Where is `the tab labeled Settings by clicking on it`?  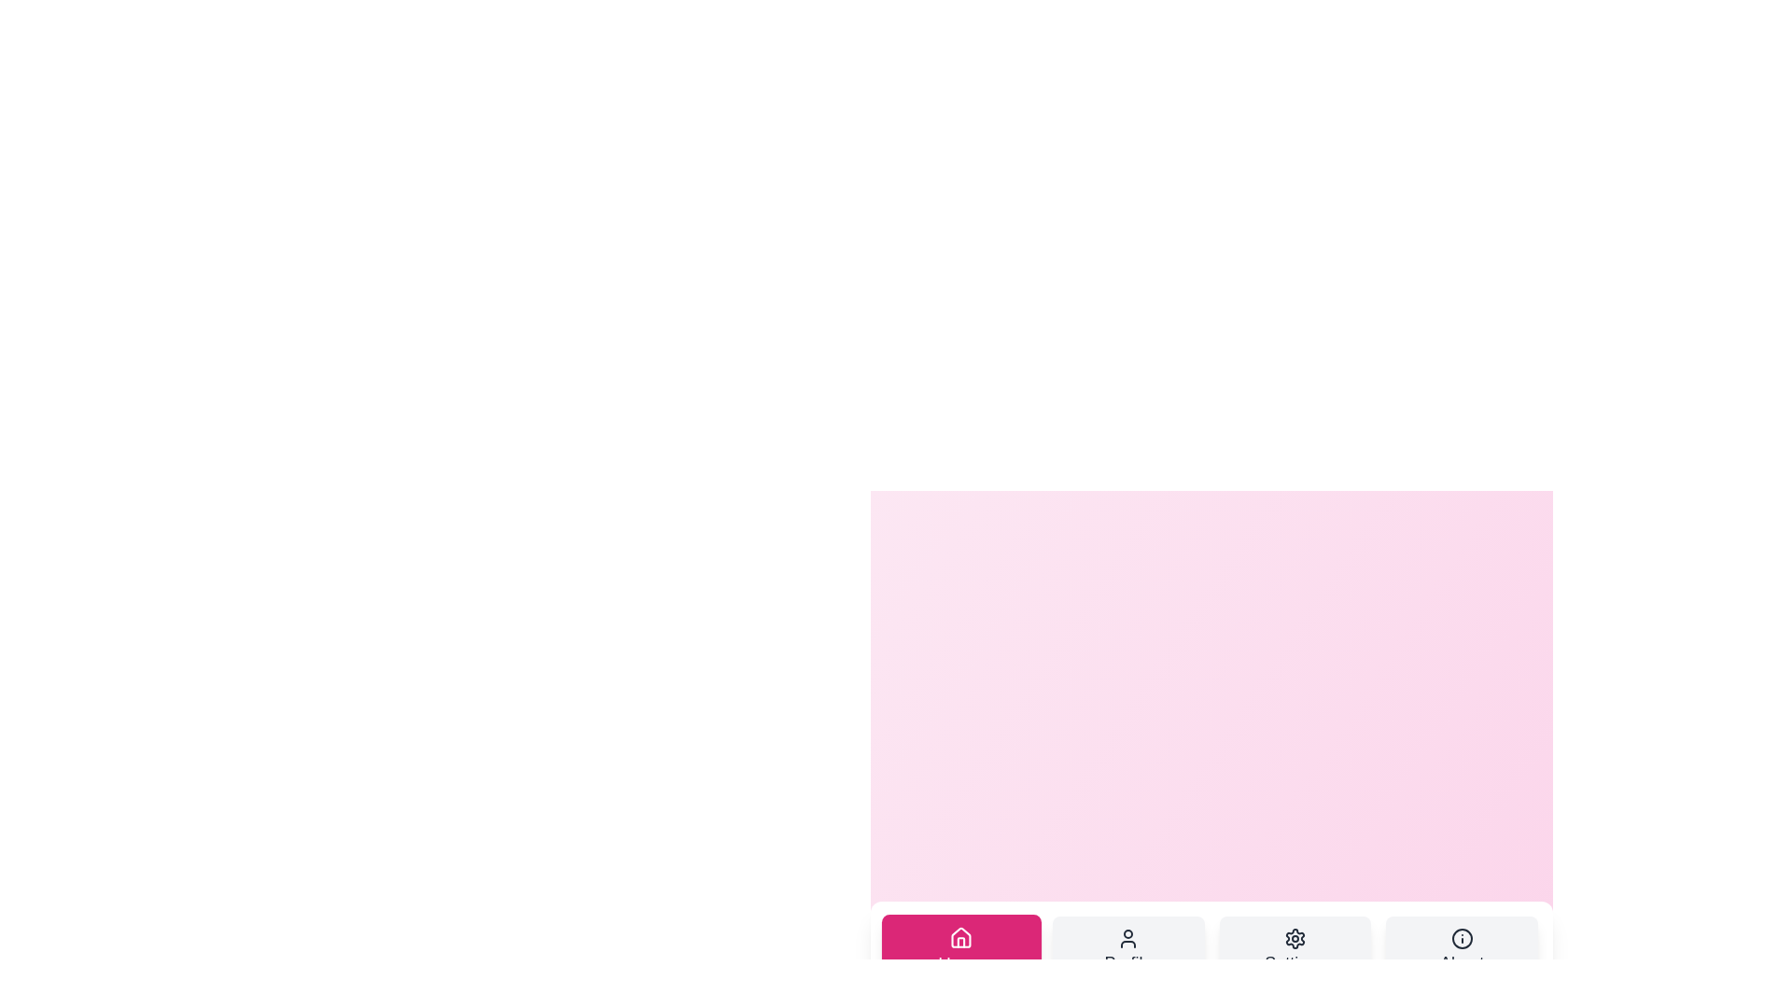 the tab labeled Settings by clicking on it is located at coordinates (1294, 951).